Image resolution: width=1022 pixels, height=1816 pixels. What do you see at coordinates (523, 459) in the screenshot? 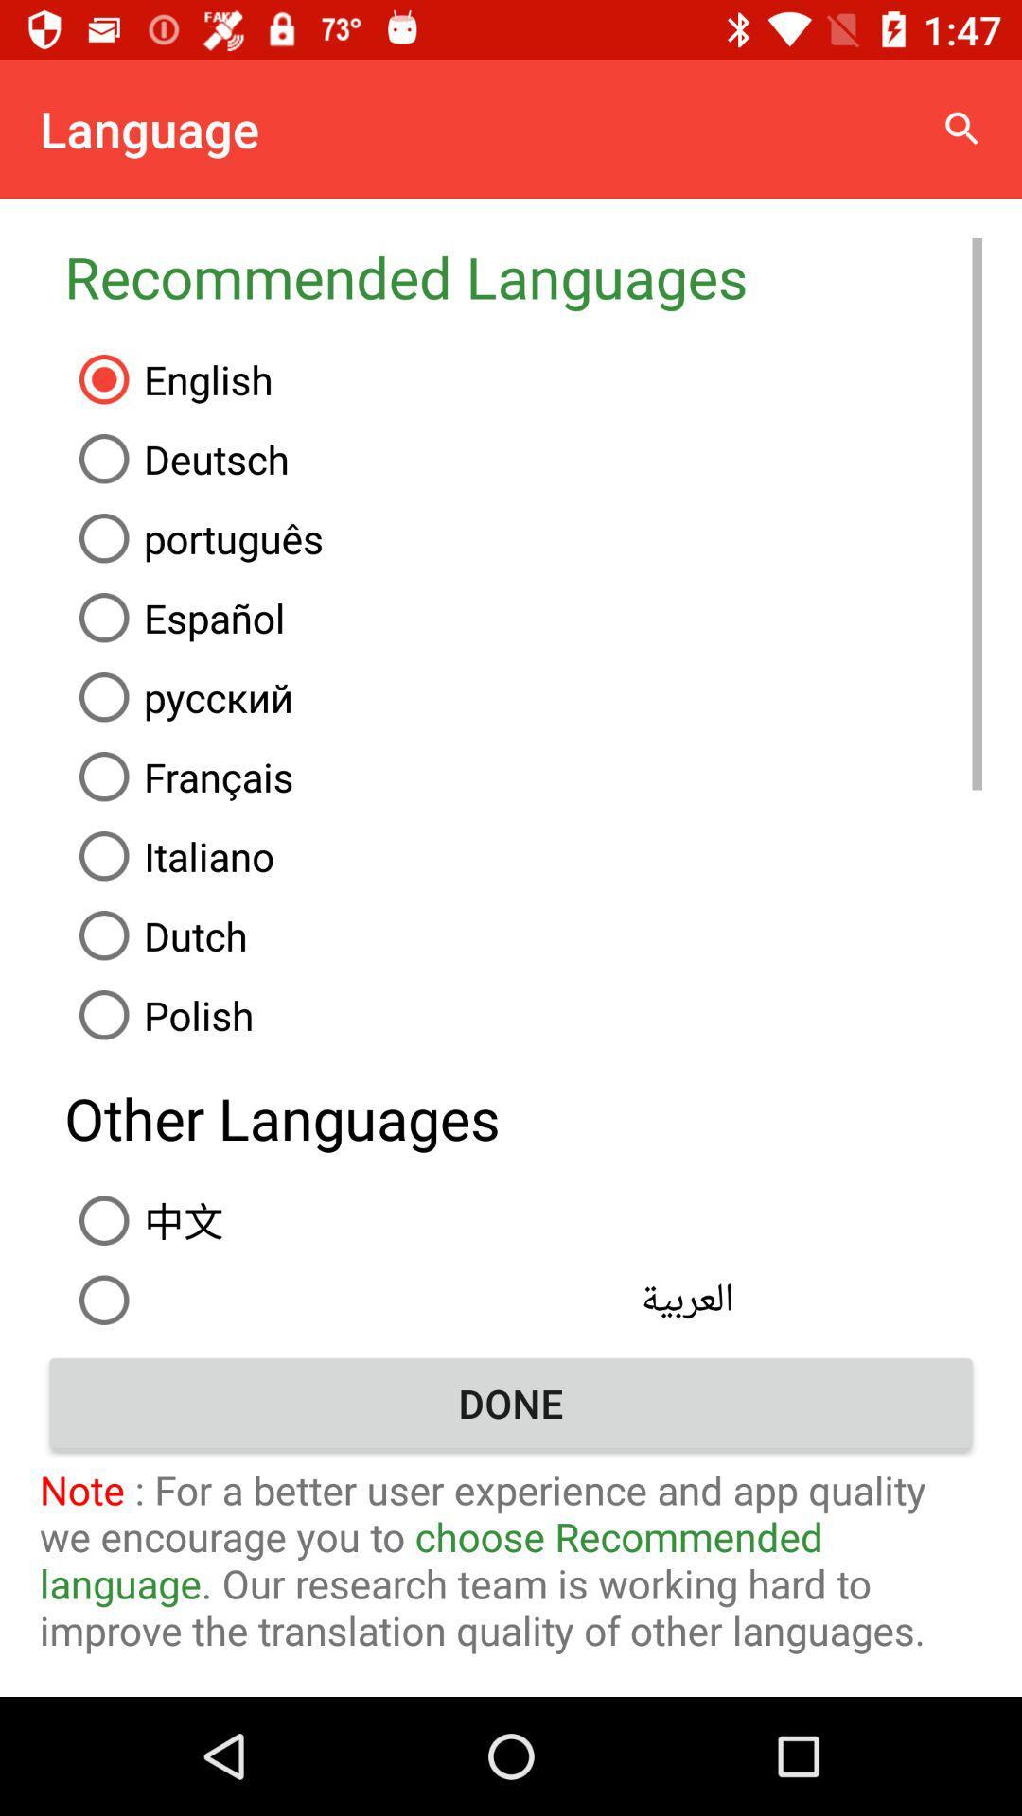
I see `the deutsch icon` at bounding box center [523, 459].